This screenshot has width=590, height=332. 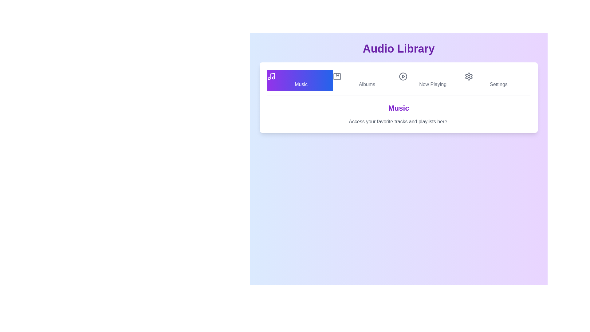 I want to click on the static text label that presents the message 'Access your favorite tracks and playlists here.' which is located below the 'Music' header in a visually styled card, so click(x=399, y=122).